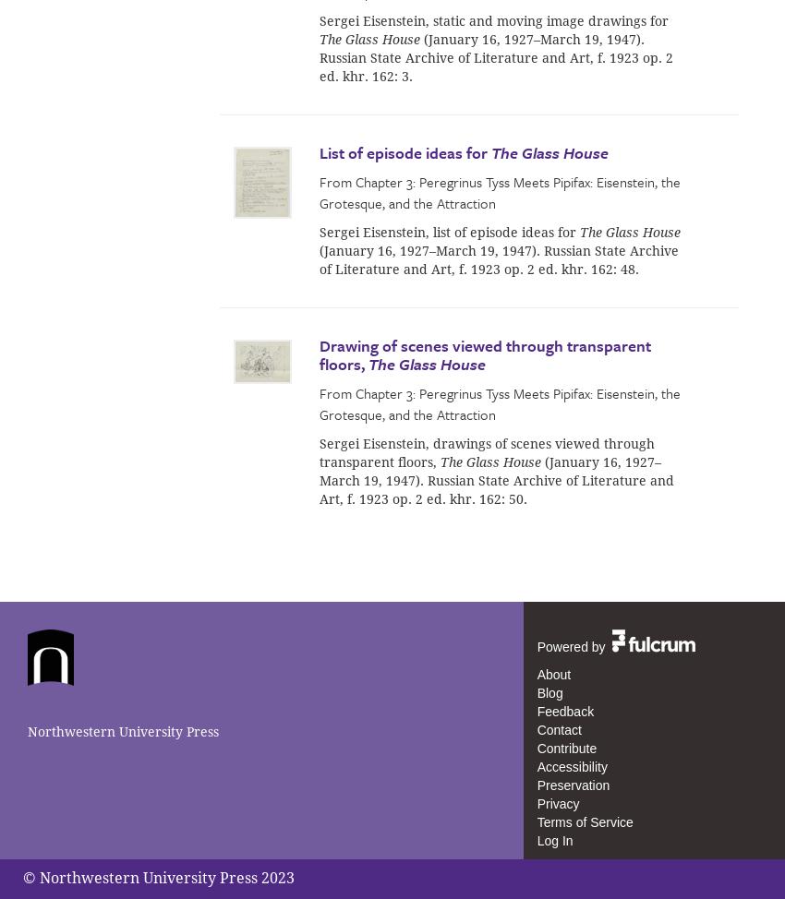 The height and width of the screenshot is (899, 785). I want to click on 'Sergei Eisenstein, list of episode ideas for', so click(319, 230).